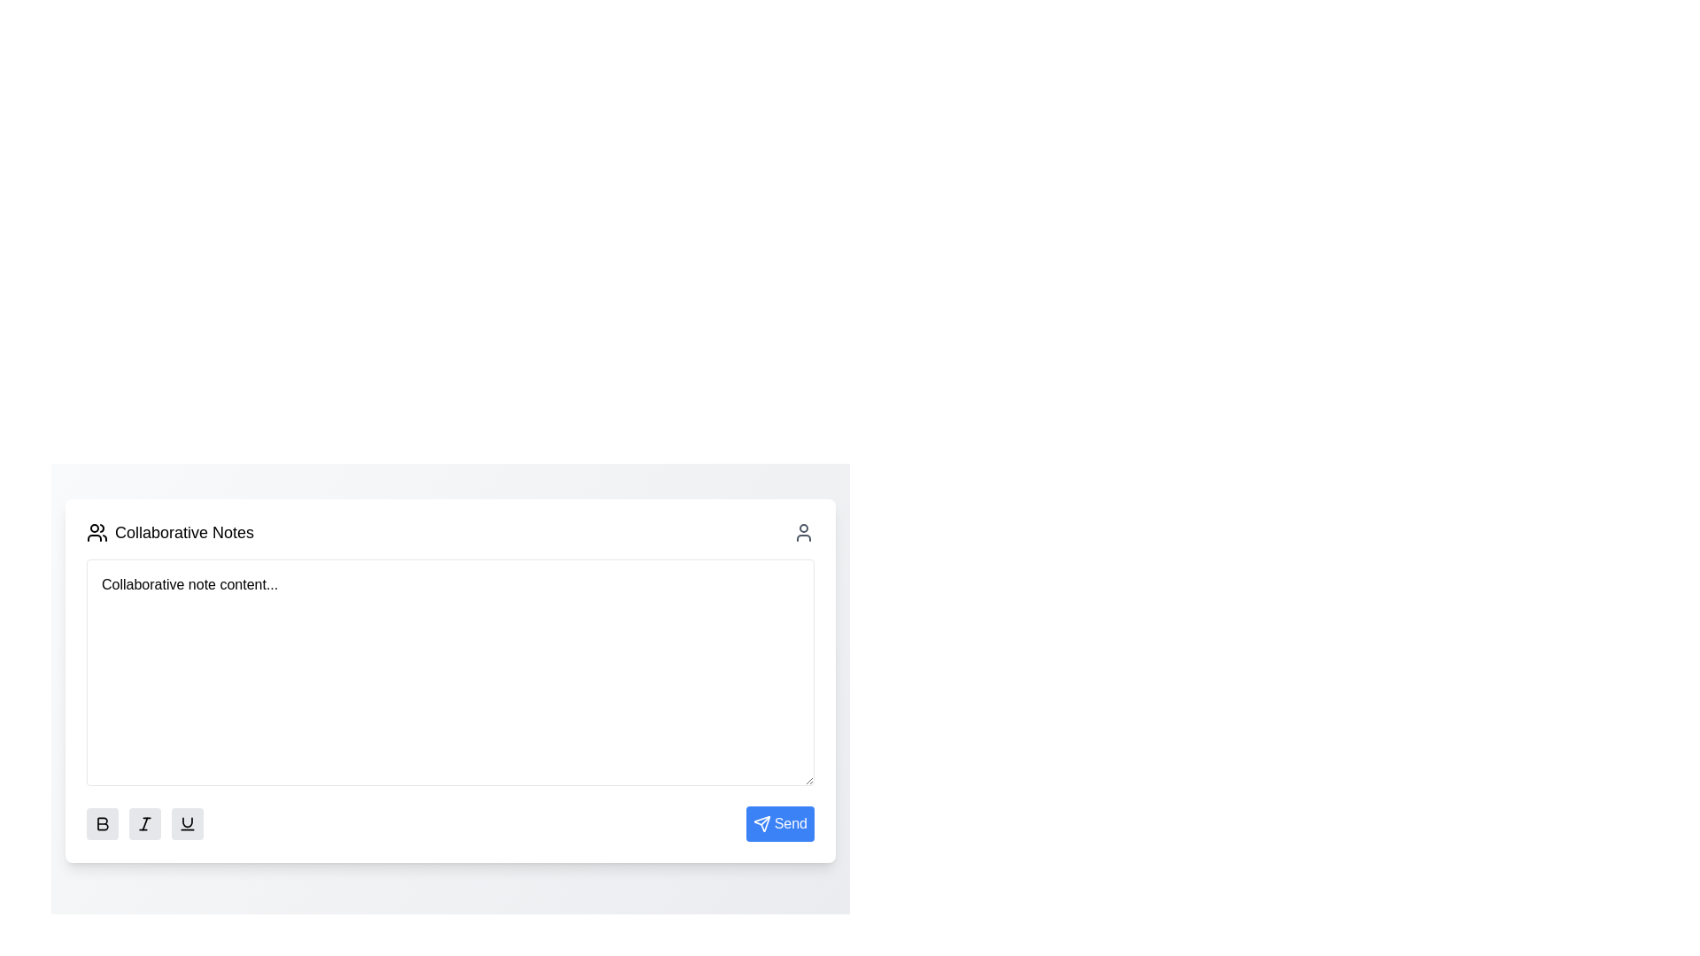 The image size is (1700, 956). I want to click on the underline formatting button, represented by an underlined 'U' icon, located at the bottom-right of the text editor, so click(187, 823).